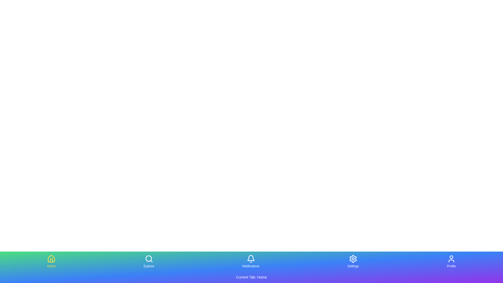 The image size is (503, 283). Describe the element at coordinates (353, 262) in the screenshot. I see `the tab labeled Settings to select it` at that location.